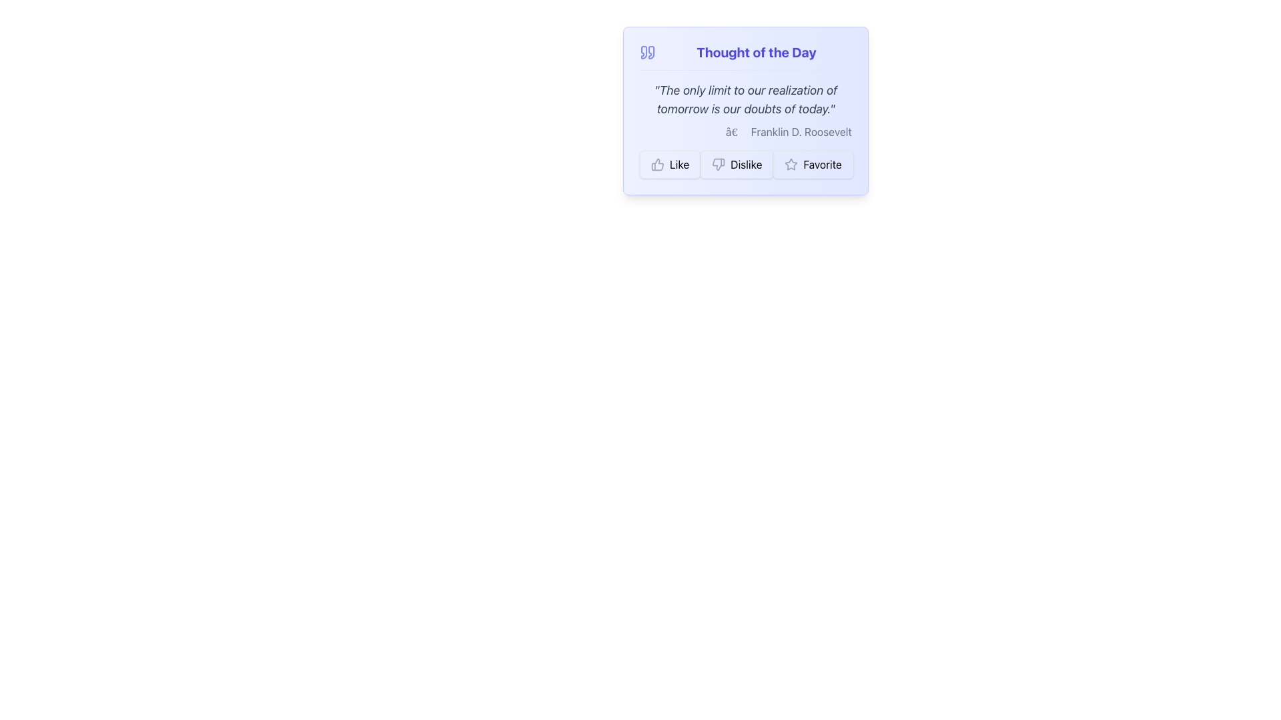 The height and width of the screenshot is (720, 1281). What do you see at coordinates (644, 51) in the screenshot?
I see `the left portion of the dual quotation mark icon, shaped like a stylized letter '6', located beside the 'Thought of the Day' heading` at bounding box center [644, 51].